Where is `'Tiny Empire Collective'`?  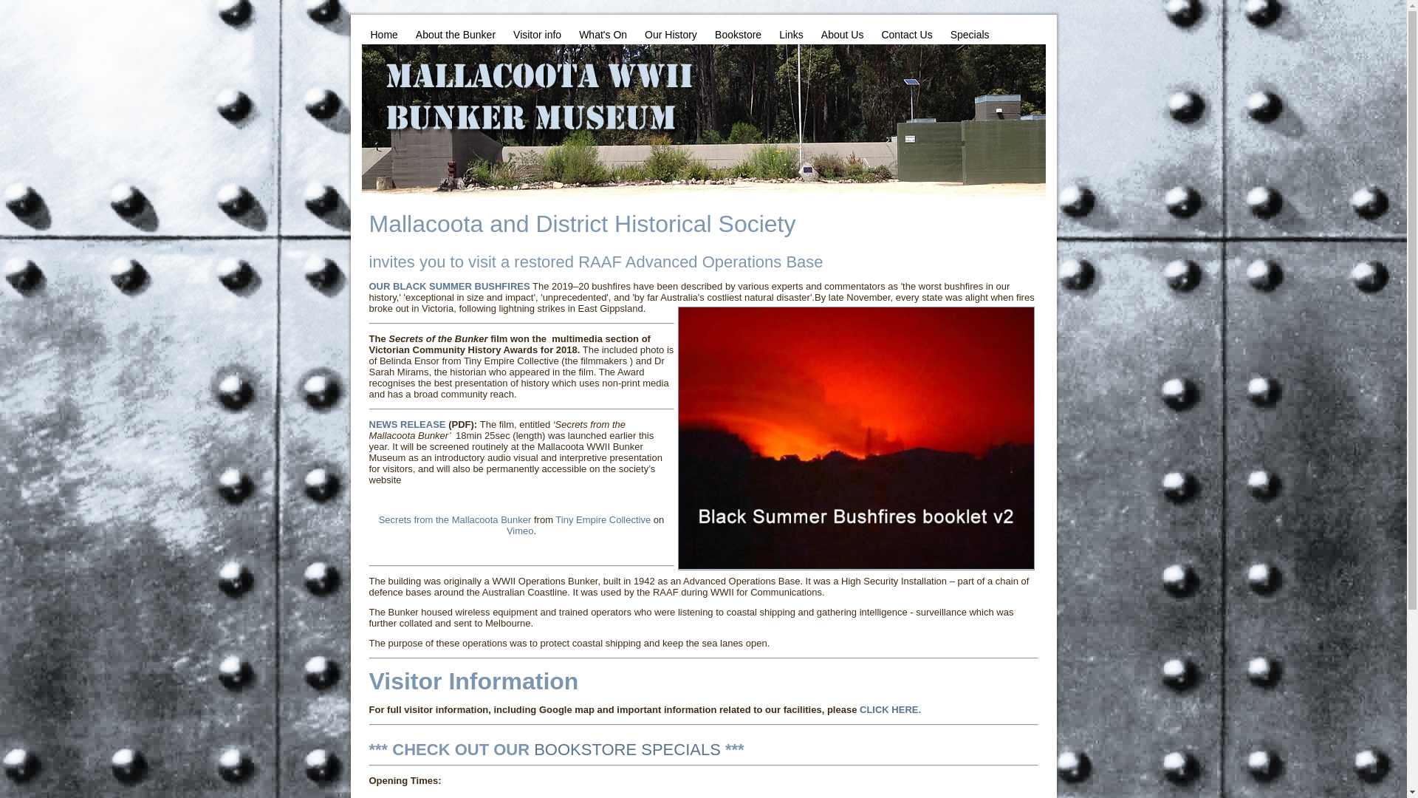
'Tiny Empire Collective' is located at coordinates (603, 519).